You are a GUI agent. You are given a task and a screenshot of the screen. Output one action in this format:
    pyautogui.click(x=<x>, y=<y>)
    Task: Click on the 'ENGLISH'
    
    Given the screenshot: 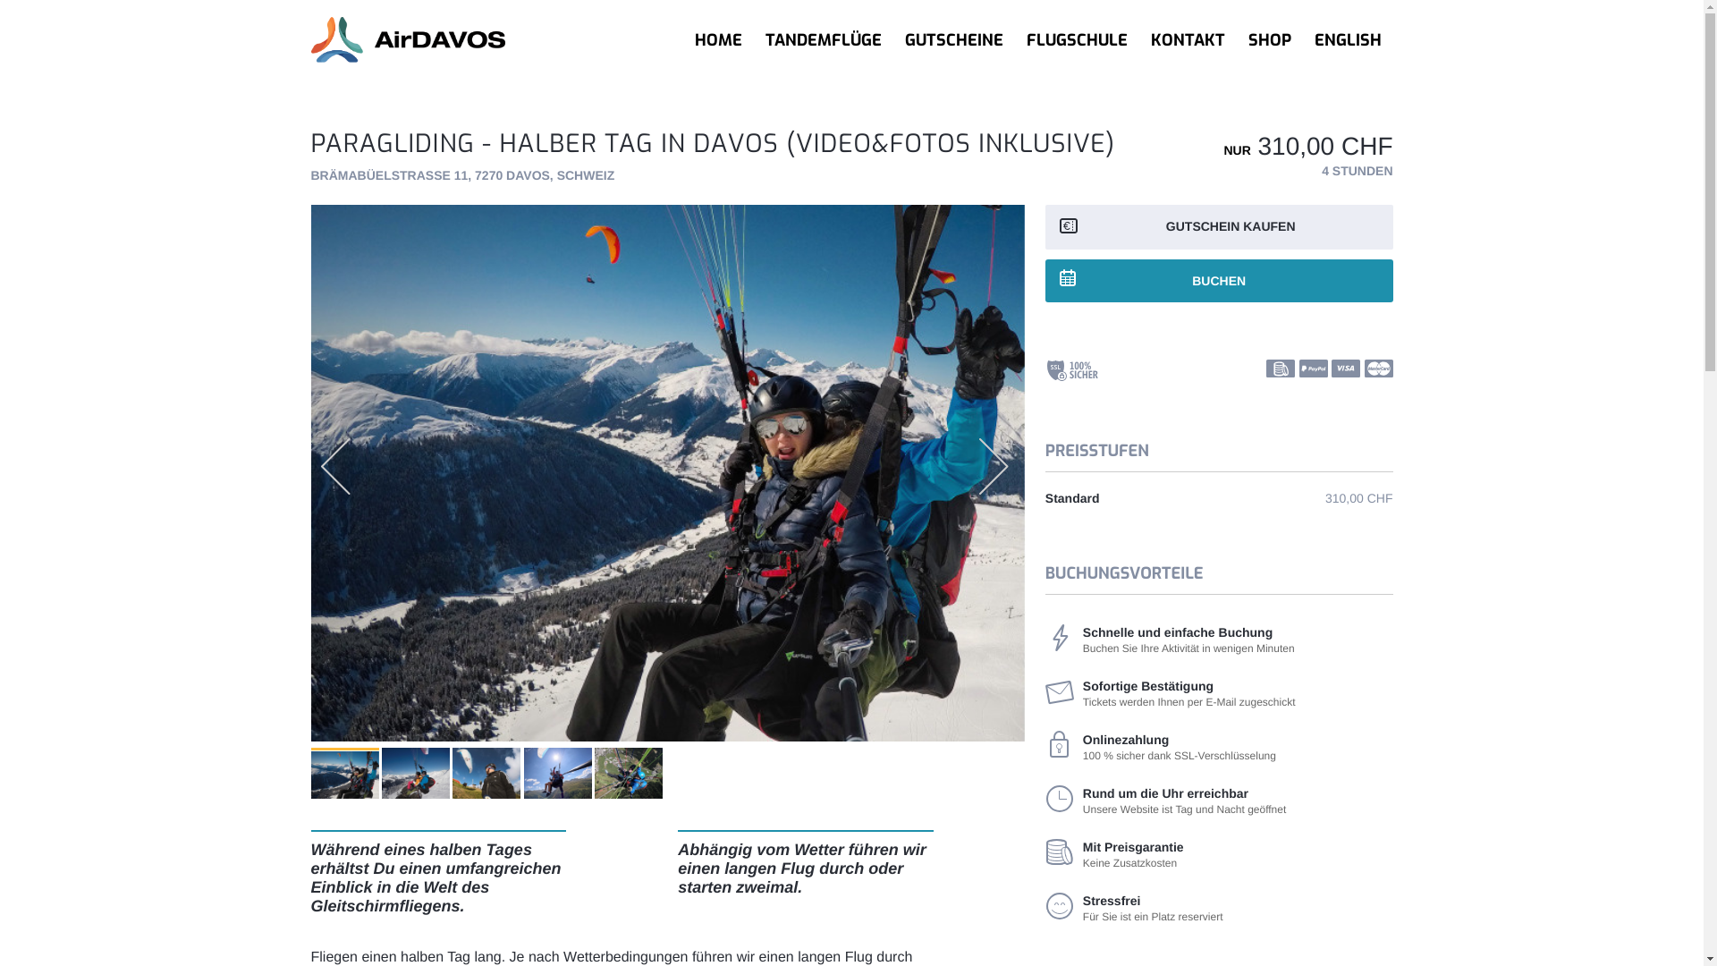 What is the action you would take?
    pyautogui.click(x=1301, y=40)
    